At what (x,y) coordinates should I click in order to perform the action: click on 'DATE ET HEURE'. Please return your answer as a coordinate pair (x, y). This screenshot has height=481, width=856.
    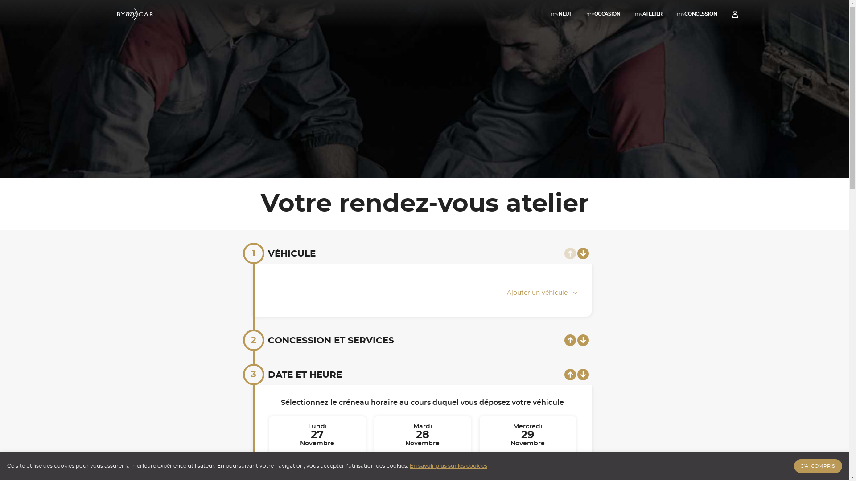
    Looking at the image, I should click on (304, 375).